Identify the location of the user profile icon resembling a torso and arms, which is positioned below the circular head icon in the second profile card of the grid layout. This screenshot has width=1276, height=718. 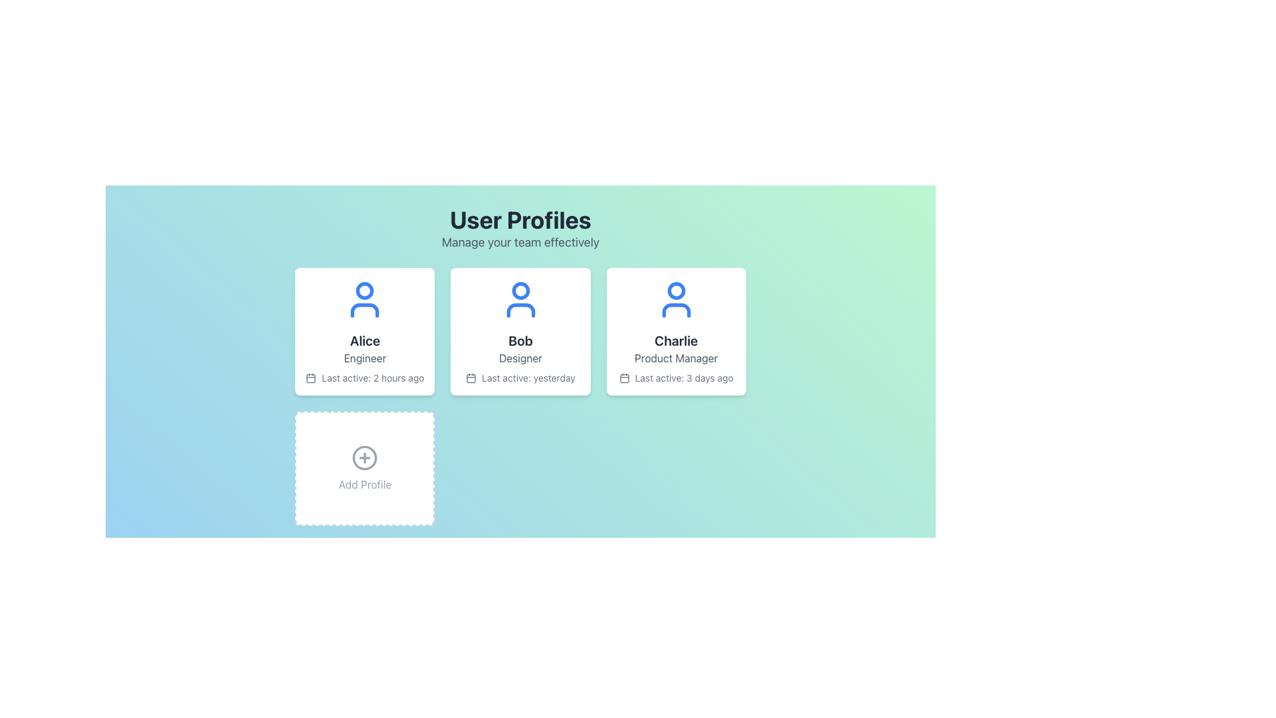
(520, 310).